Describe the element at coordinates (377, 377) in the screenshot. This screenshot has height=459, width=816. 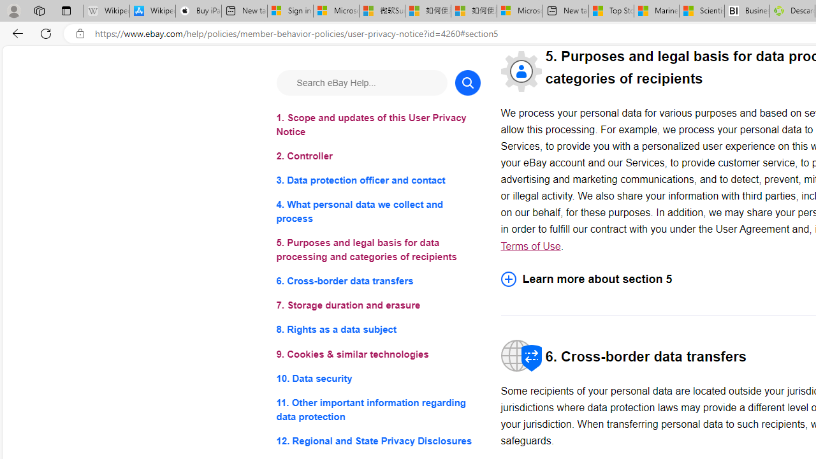
I see `'10. Data security'` at that location.